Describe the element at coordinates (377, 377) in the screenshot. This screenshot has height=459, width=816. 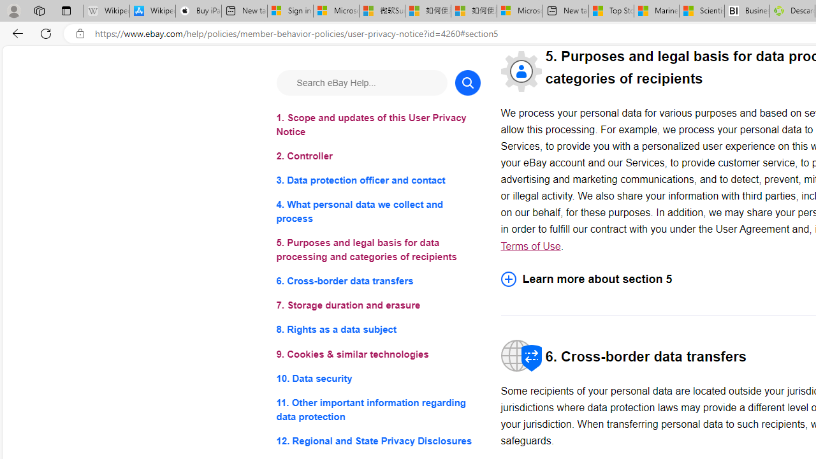
I see `'10. Data security'` at that location.